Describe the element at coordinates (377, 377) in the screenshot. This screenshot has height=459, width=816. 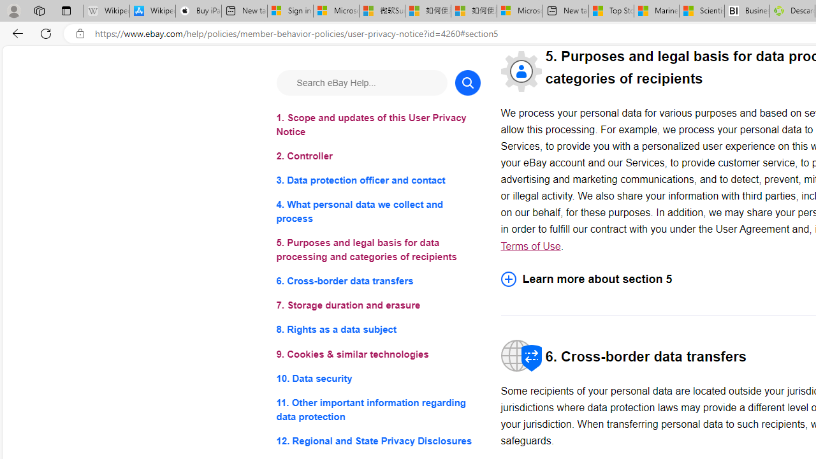
I see `'10. Data security'` at that location.